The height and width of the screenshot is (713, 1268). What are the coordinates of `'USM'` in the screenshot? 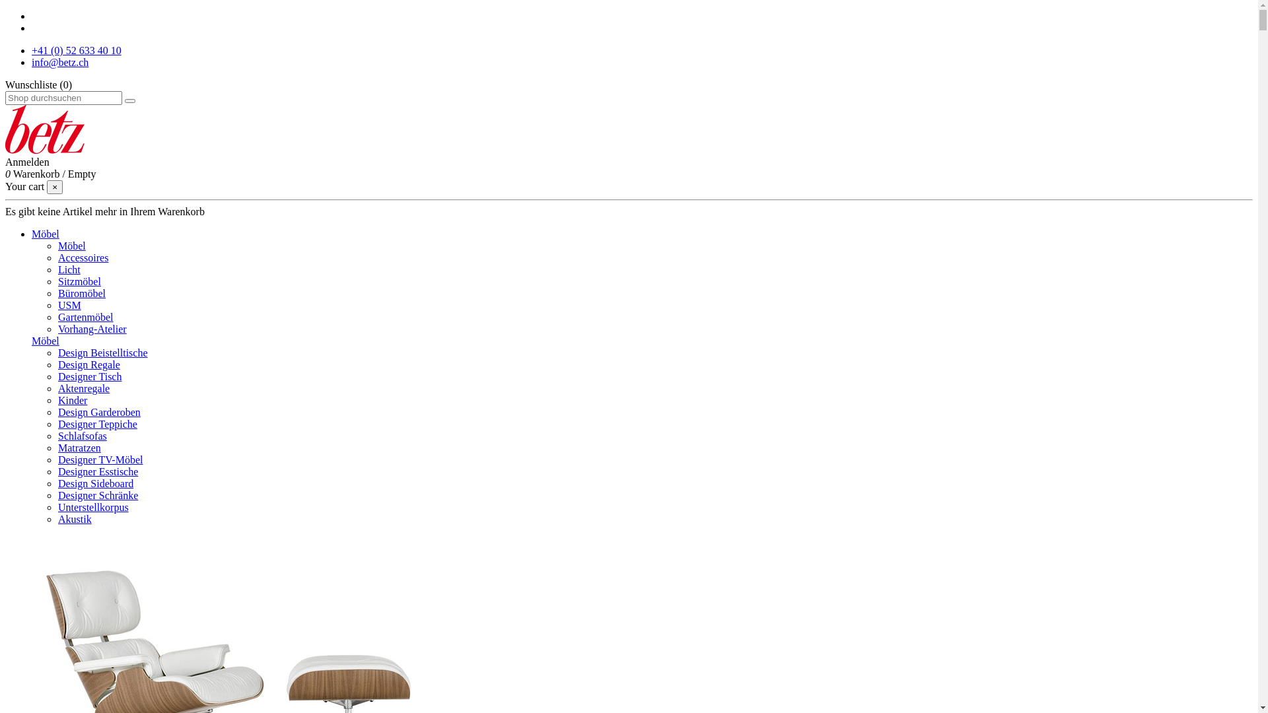 It's located at (69, 305).